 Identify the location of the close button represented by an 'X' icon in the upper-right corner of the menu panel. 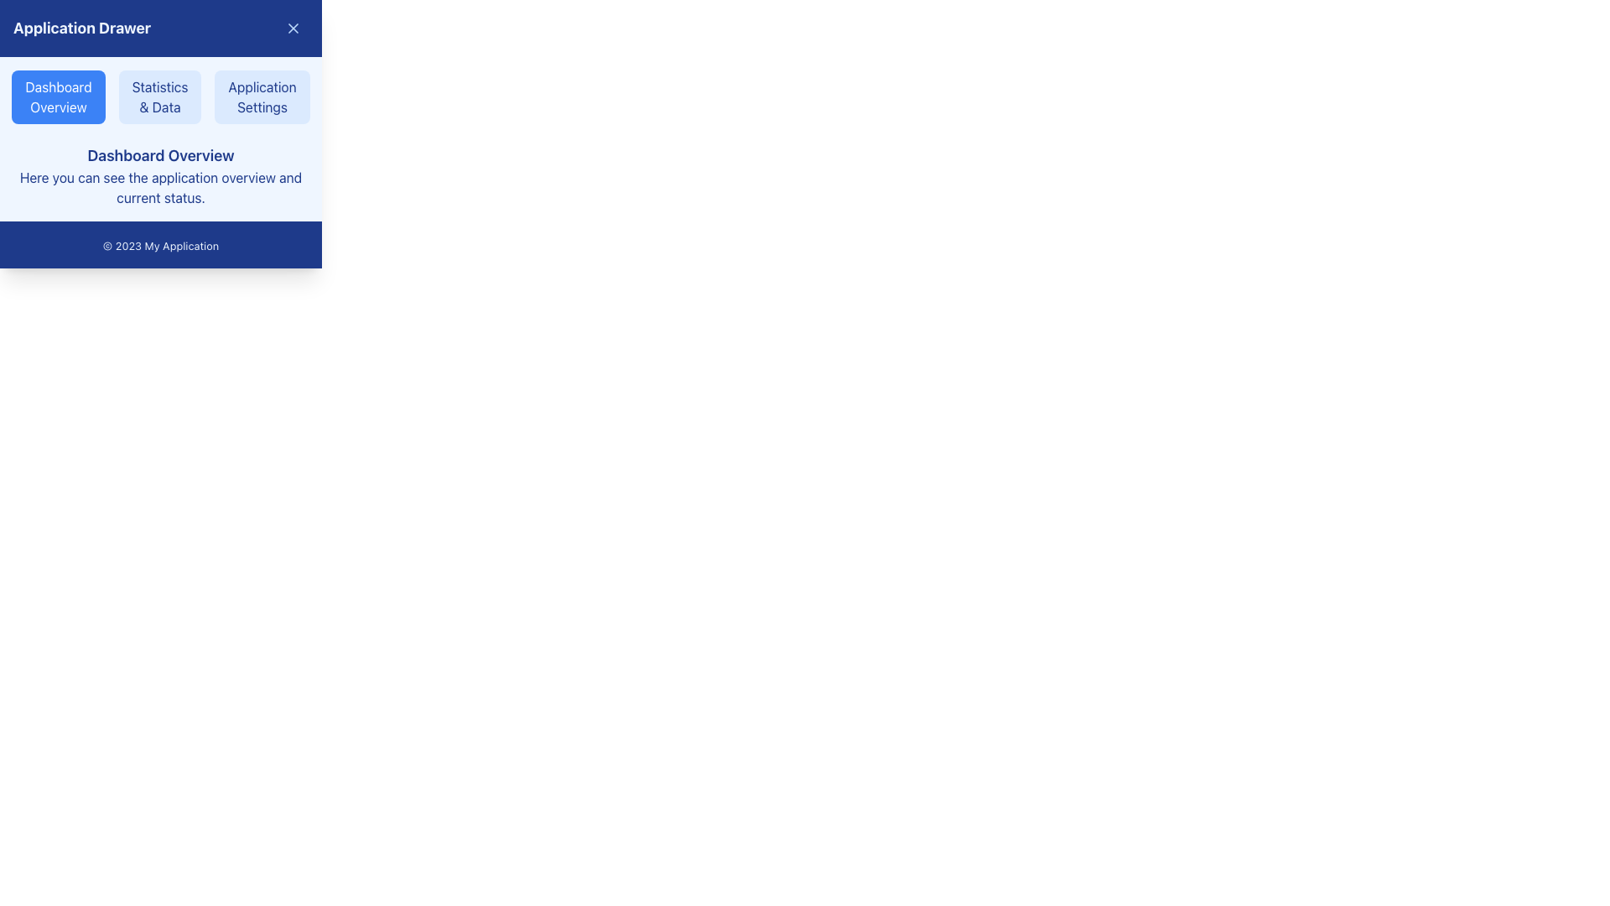
(293, 29).